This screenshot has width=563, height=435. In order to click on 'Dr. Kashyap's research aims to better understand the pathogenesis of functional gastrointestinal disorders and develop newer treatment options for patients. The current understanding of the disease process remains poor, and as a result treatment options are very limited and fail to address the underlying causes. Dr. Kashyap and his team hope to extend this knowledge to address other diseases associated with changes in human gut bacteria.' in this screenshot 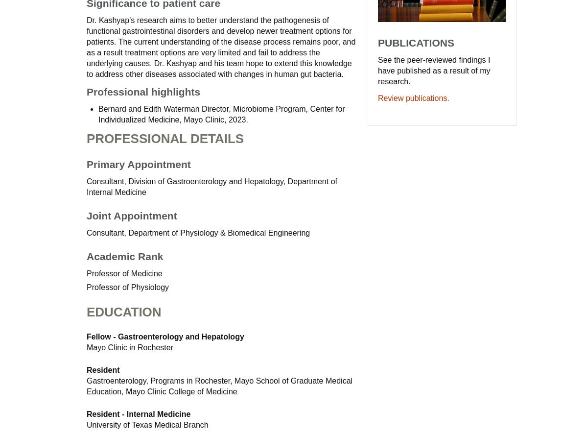, I will do `click(221, 47)`.